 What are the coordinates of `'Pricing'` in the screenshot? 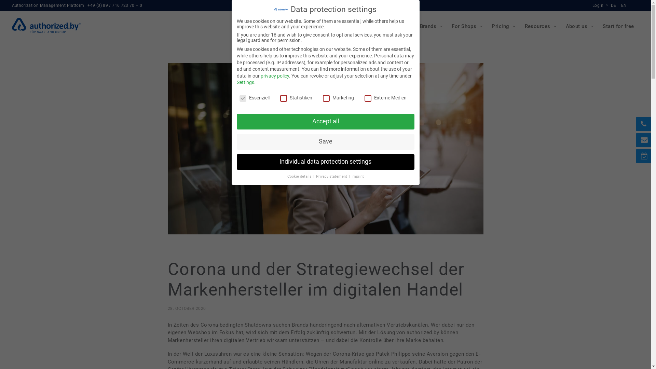 It's located at (503, 26).